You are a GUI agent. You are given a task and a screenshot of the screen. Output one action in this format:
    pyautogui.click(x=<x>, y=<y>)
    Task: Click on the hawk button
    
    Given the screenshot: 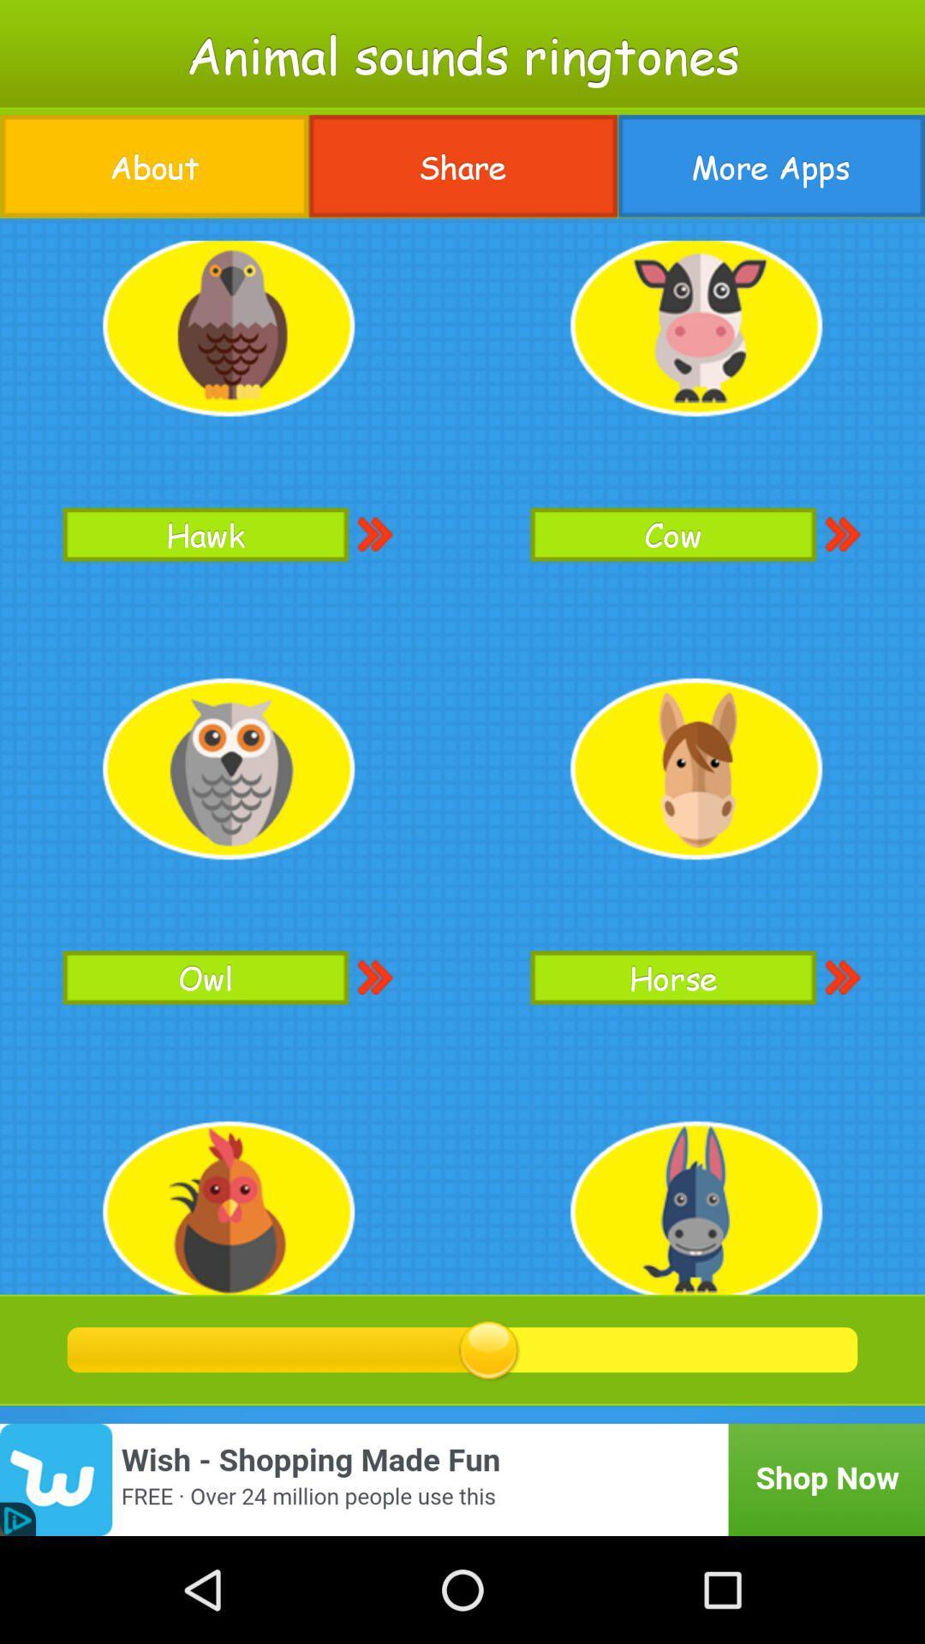 What is the action you would take?
    pyautogui.click(x=205, y=533)
    